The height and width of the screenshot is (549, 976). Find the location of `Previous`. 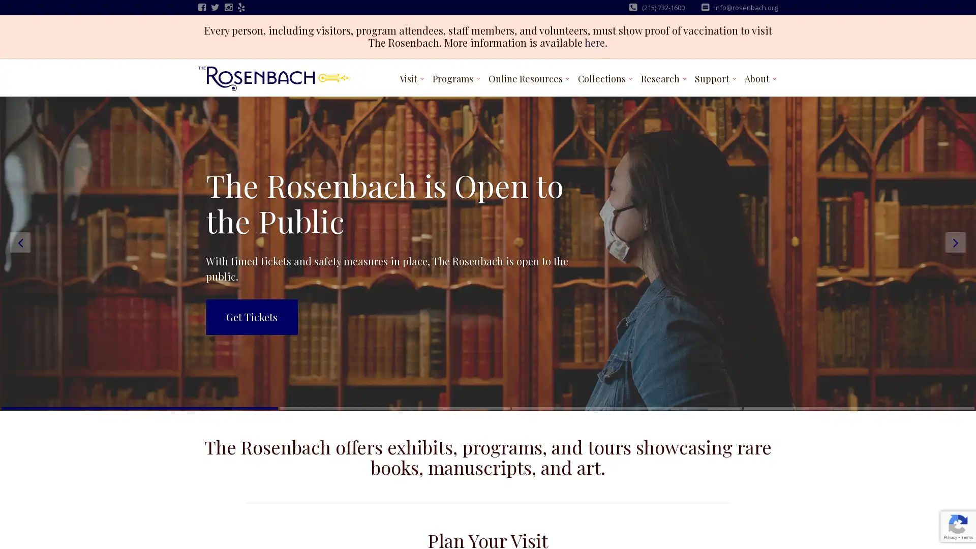

Previous is located at coordinates (20, 246).